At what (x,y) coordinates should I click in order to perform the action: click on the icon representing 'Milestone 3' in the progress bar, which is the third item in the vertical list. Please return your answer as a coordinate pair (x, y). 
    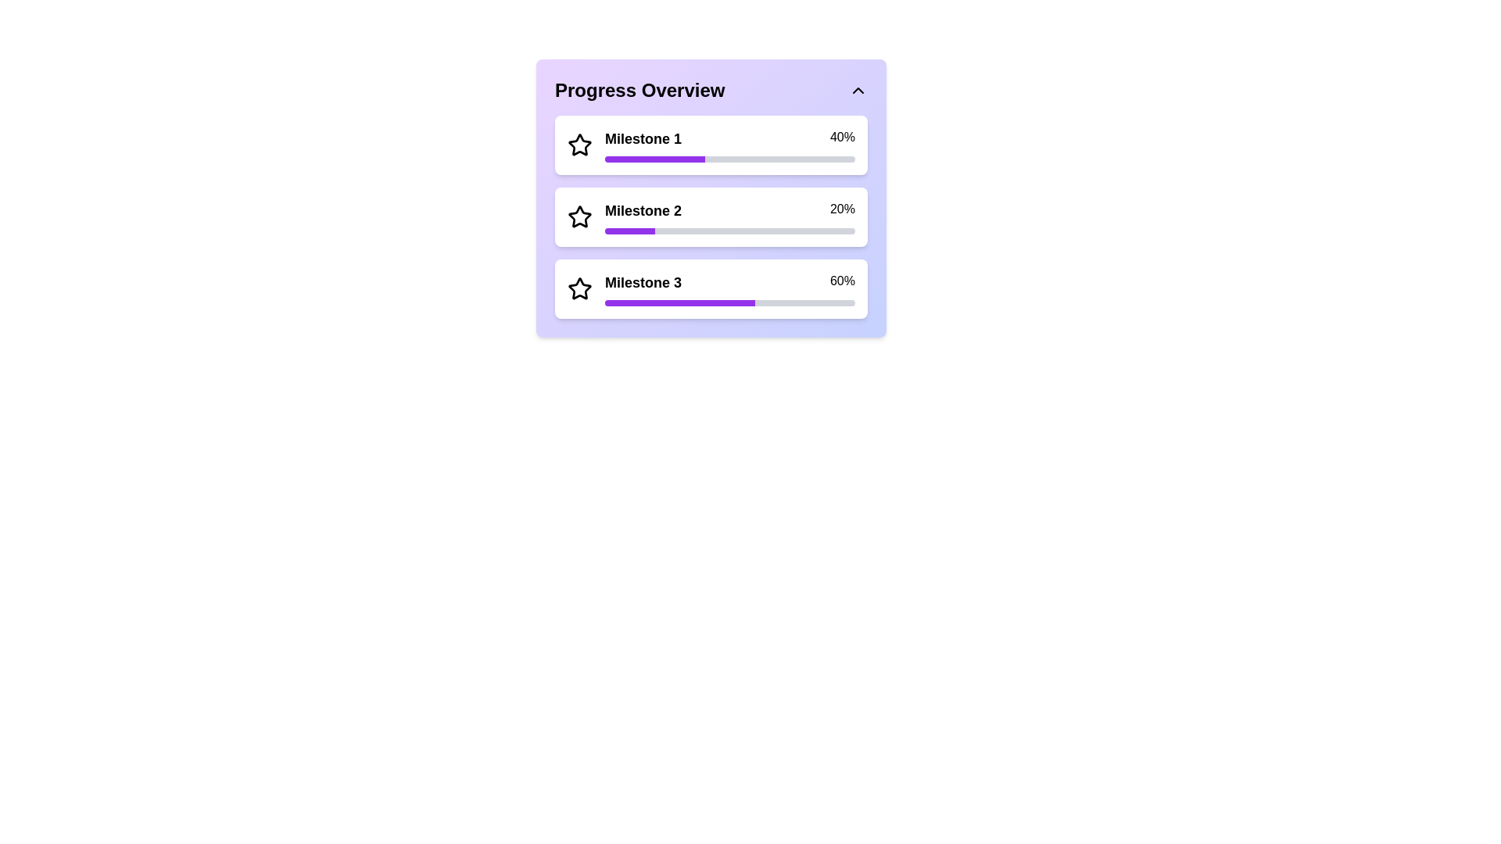
    Looking at the image, I should click on (579, 289).